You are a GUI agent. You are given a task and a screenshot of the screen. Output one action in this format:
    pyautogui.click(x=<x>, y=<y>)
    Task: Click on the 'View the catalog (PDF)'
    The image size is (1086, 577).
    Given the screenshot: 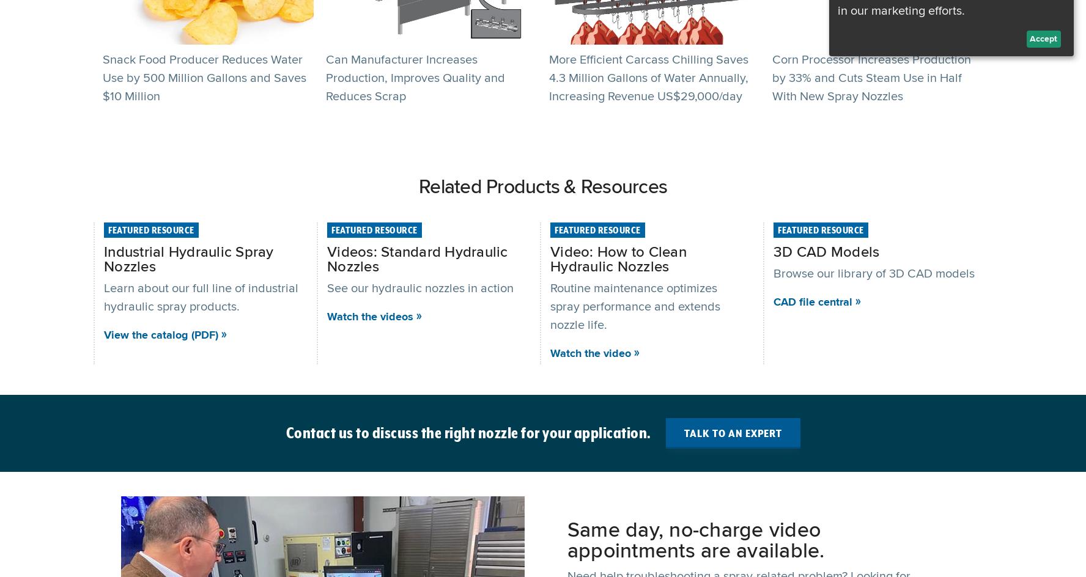 What is the action you would take?
    pyautogui.click(x=161, y=333)
    